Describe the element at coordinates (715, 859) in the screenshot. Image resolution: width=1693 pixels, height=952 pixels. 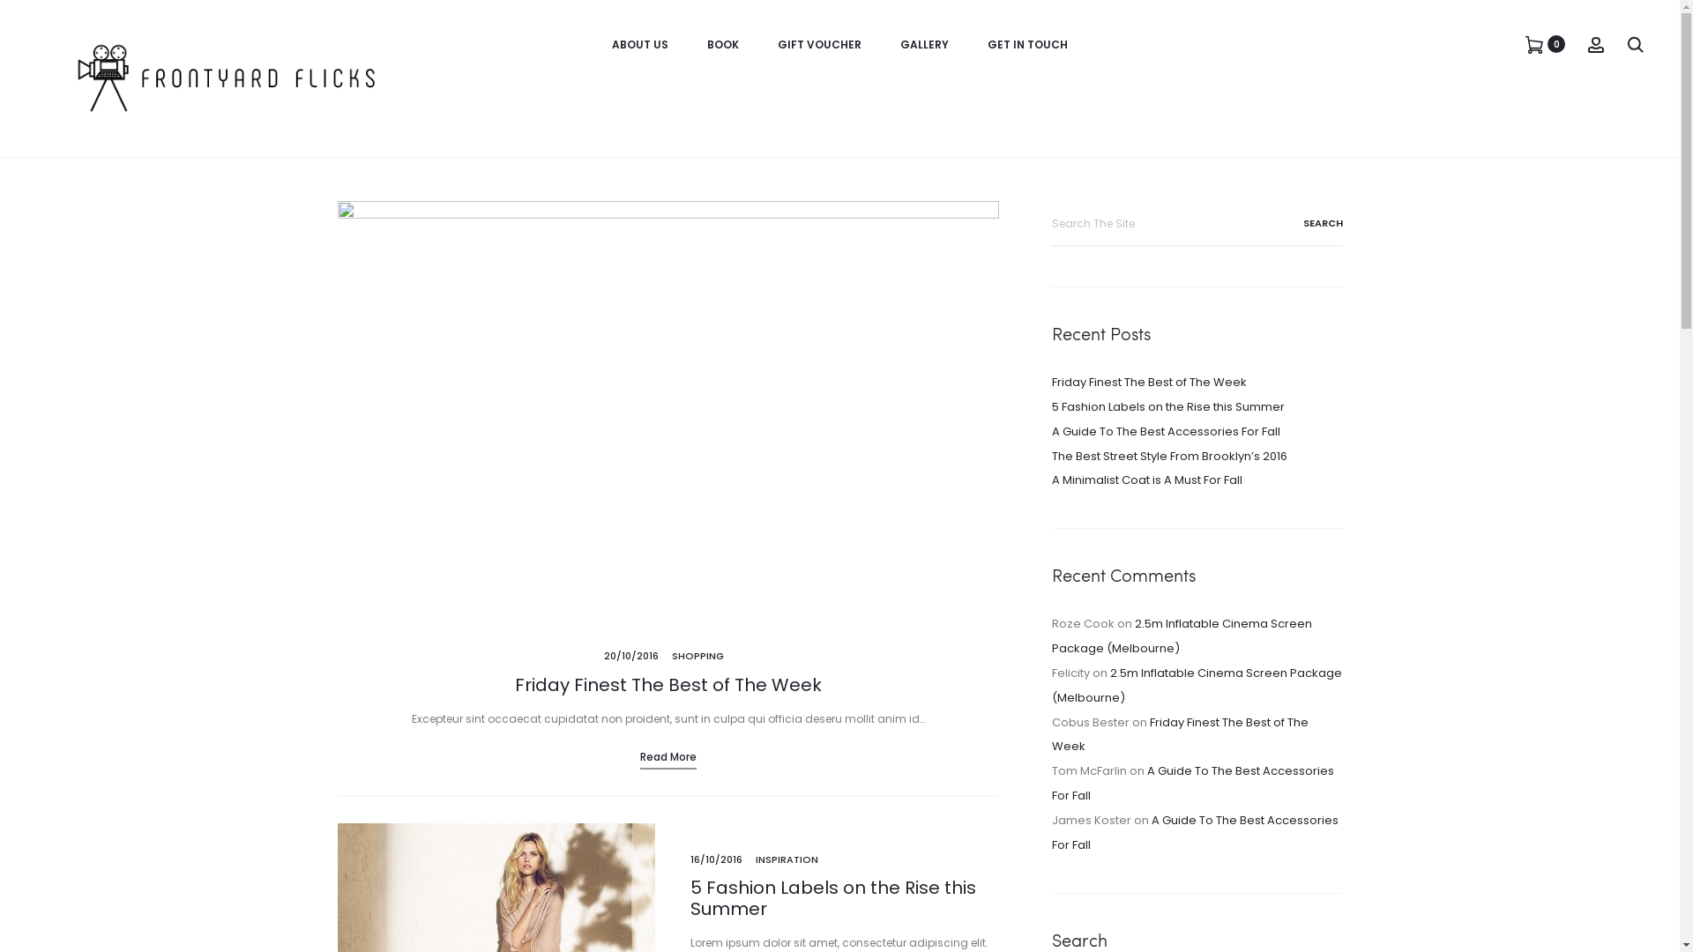
I see `'16/10/2016'` at that location.